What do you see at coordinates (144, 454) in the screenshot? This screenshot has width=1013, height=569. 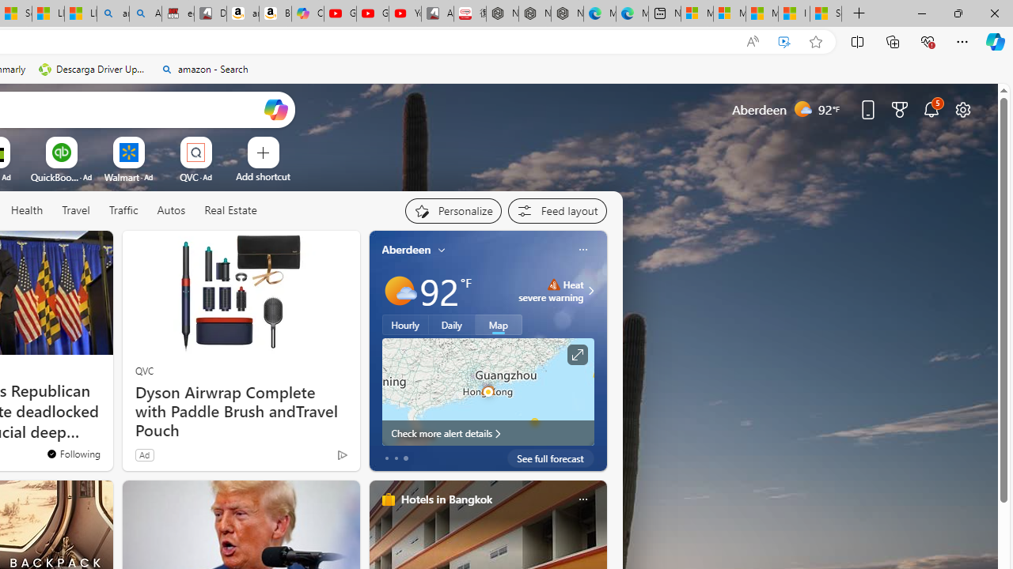 I see `'Ad'` at bounding box center [144, 454].